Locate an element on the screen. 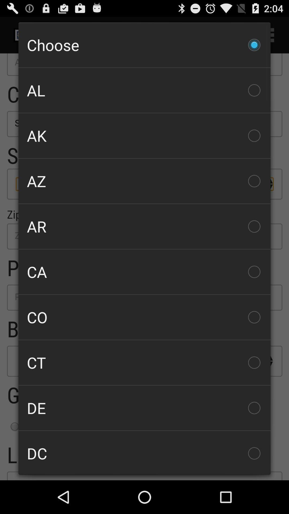 This screenshot has height=514, width=289. the checkbox above the az is located at coordinates (144, 136).